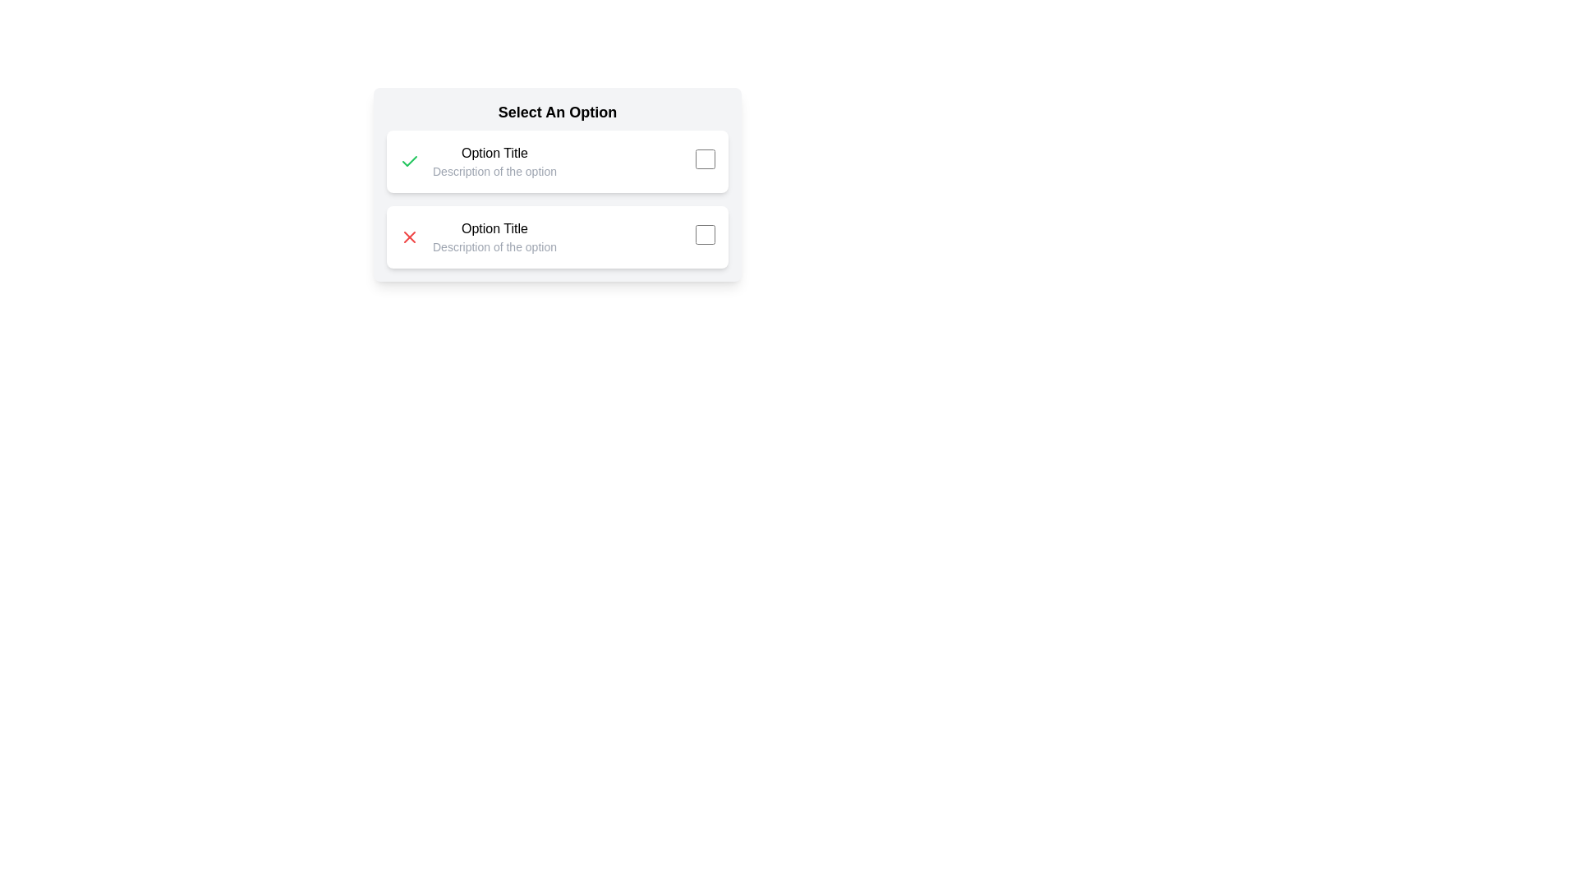 The image size is (1577, 887). What do you see at coordinates (494, 246) in the screenshot?
I see `the descriptive text label that conveys information about the option displayed above it, positioned below 'Option Title'` at bounding box center [494, 246].